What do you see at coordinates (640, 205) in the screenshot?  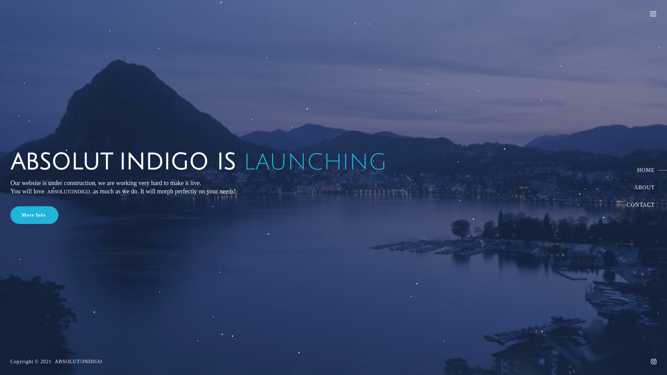 I see `'CONTACT'` at bounding box center [640, 205].